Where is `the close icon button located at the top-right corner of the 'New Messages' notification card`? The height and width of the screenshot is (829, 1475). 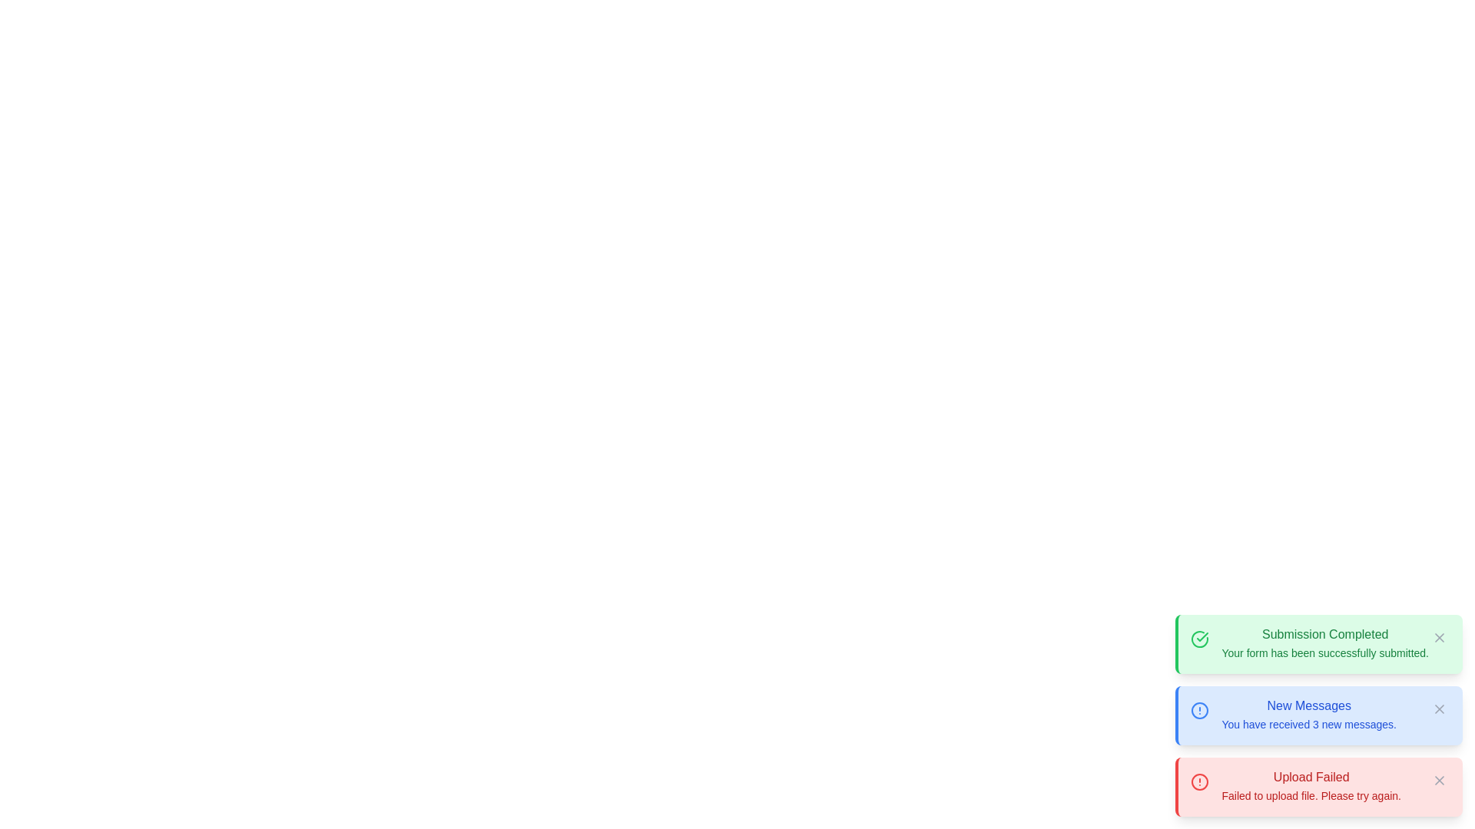 the close icon button located at the top-right corner of the 'New Messages' notification card is located at coordinates (1438, 709).